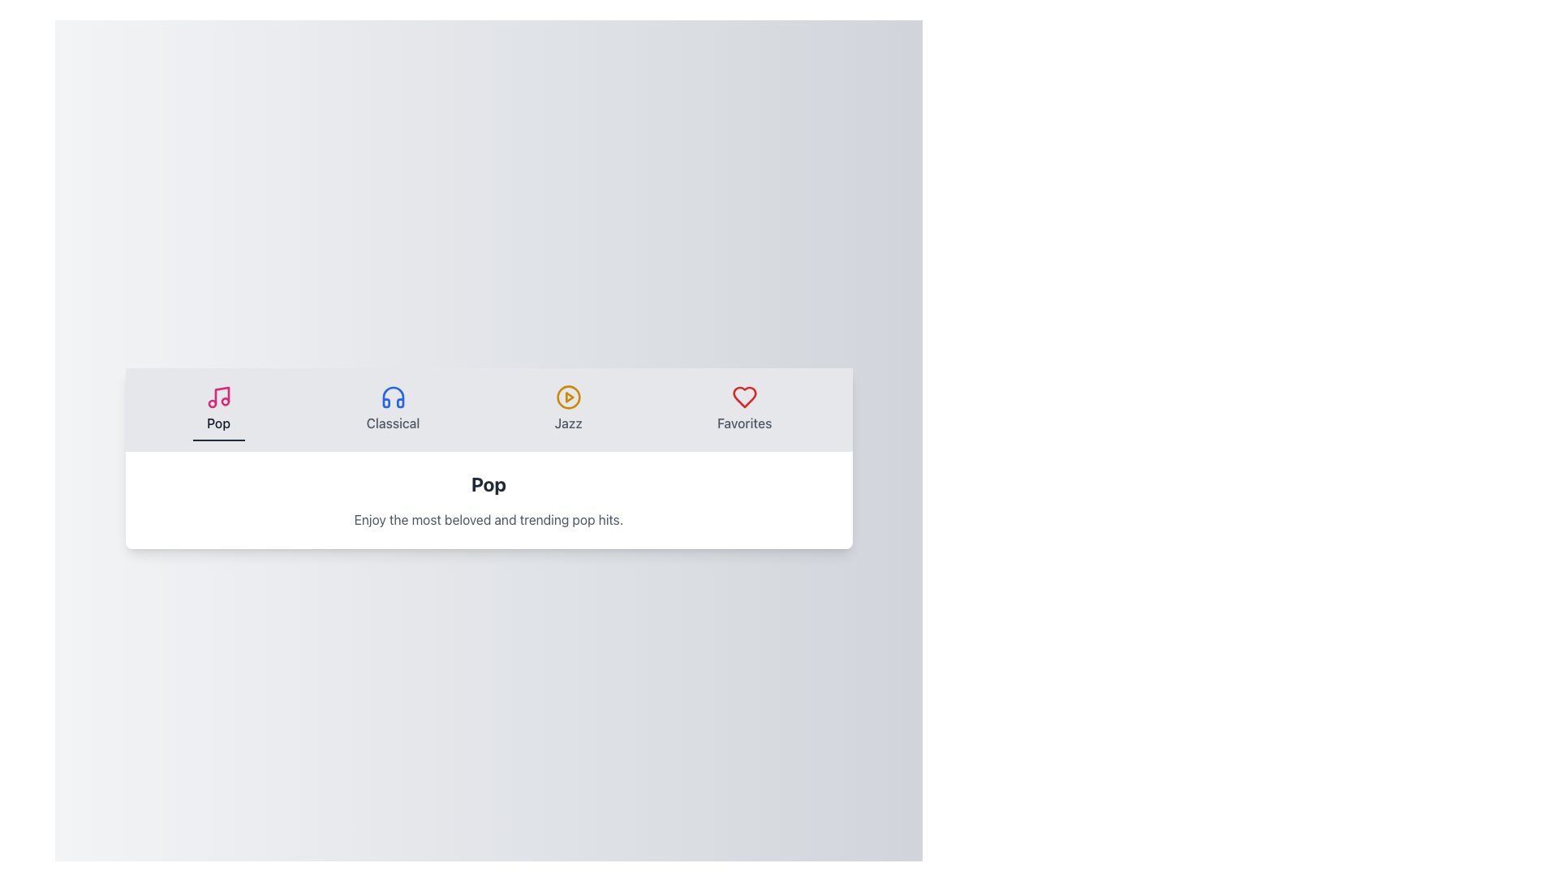 This screenshot has height=876, width=1558. I want to click on the 'Jazz' menu option button, which is the third option in the horizontal menu bar, featuring a yellow outlined circle icon with a play triangle above the 'Jazz' label, so click(568, 408).